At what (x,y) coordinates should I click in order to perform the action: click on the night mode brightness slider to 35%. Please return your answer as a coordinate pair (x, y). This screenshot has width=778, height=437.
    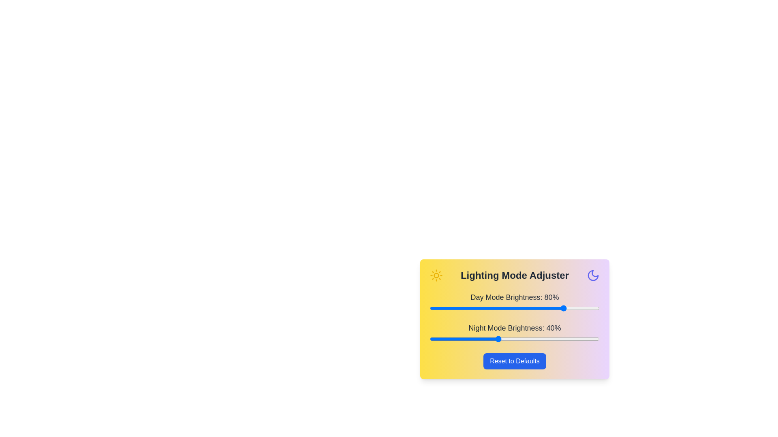
    Looking at the image, I should click on (489, 339).